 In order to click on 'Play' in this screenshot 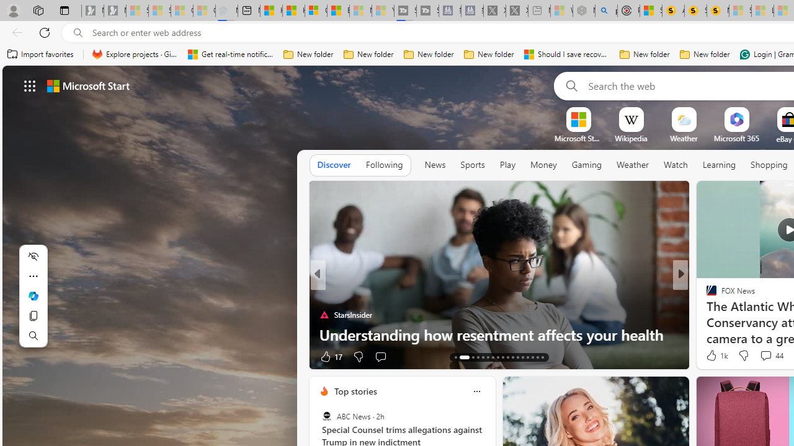, I will do `click(507, 165)`.